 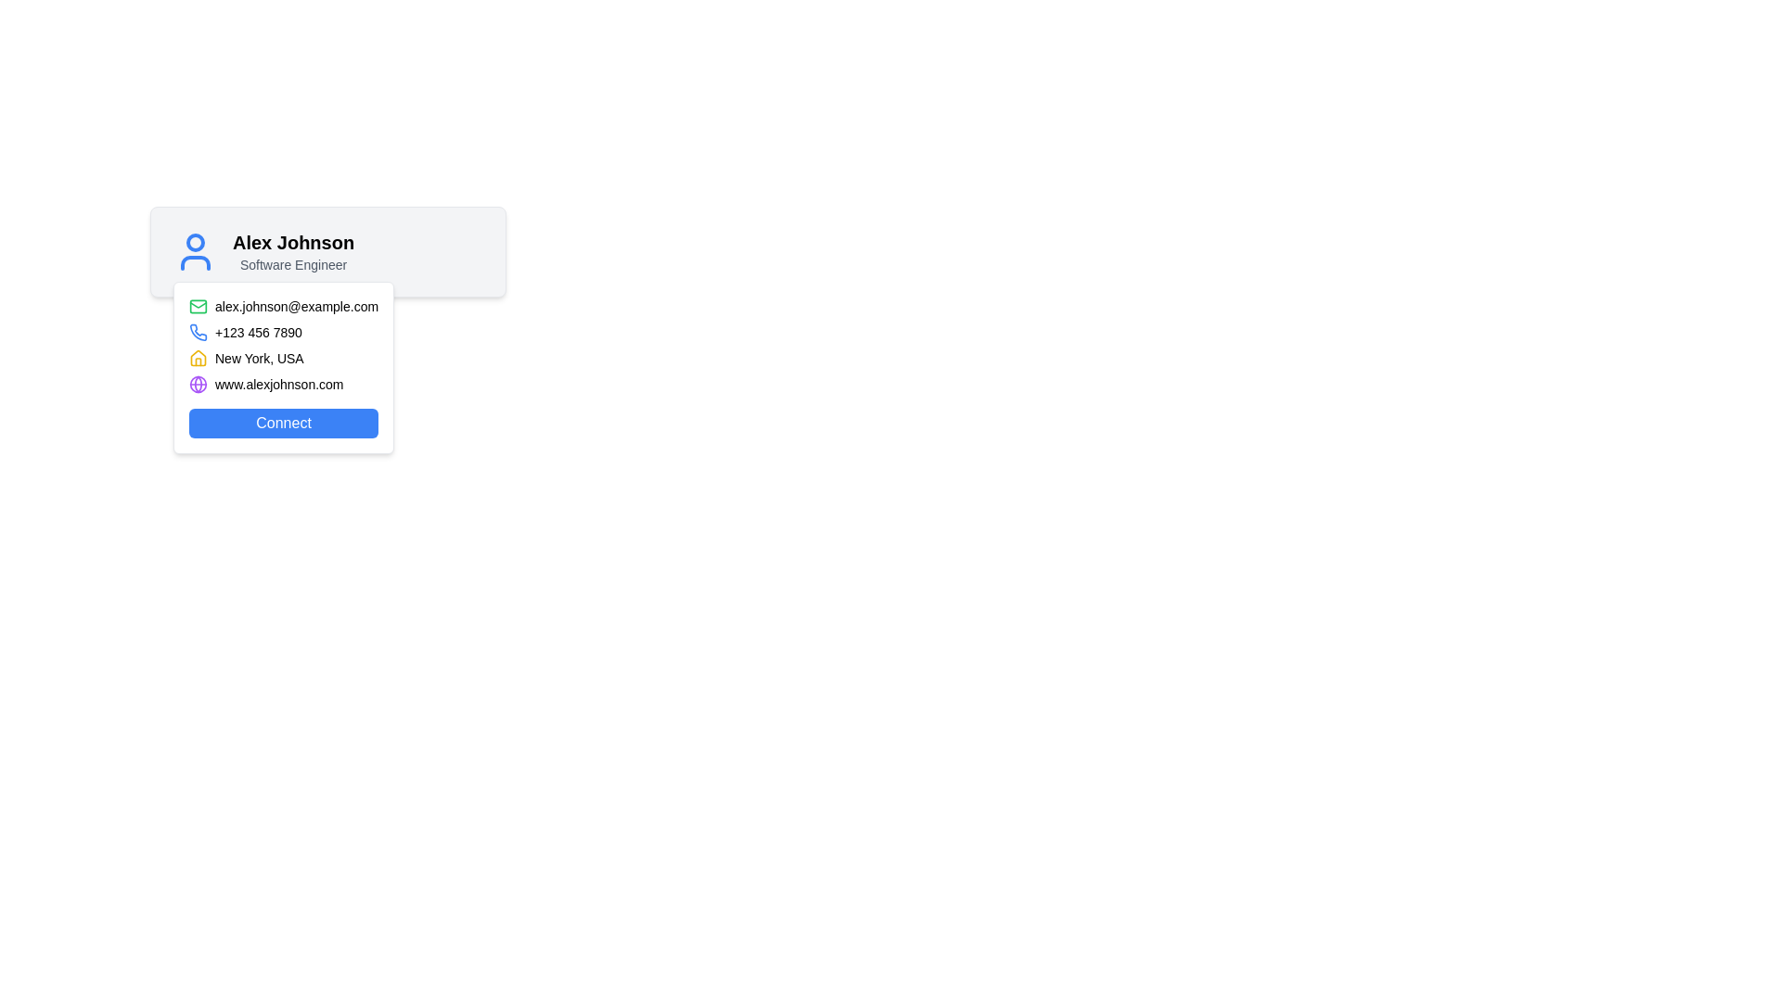 I want to click on the phone number icon located next to the contact phone number '+123 456 7890', so click(x=199, y=331).